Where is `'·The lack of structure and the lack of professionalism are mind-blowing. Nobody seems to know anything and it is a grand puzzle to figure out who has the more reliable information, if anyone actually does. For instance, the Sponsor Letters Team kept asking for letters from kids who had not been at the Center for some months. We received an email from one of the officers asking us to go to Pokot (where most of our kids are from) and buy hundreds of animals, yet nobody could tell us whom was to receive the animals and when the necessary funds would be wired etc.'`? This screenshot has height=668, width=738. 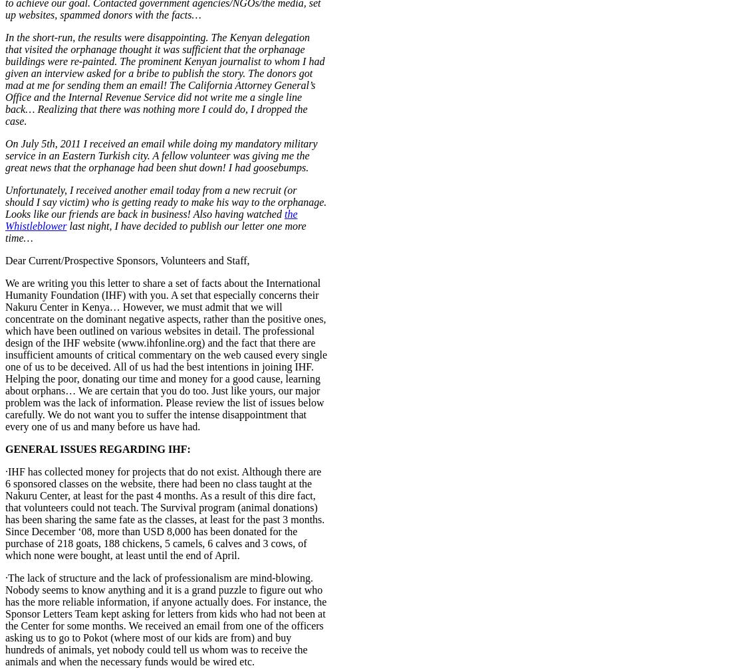
'·The lack of structure and the lack of professionalism are mind-blowing. Nobody seems to know anything and it is a grand puzzle to figure out who has the more reliable information, if anyone actually does. For instance, the Sponsor Letters Team kept asking for letters from kids who had not been at the Center for some months. We received an email from one of the officers asking us to go to Pokot (where most of our kids are from) and buy hundreds of animals, yet nobody could tell us whom was to receive the animals and when the necessary funds would be wired etc.' is located at coordinates (5, 618).